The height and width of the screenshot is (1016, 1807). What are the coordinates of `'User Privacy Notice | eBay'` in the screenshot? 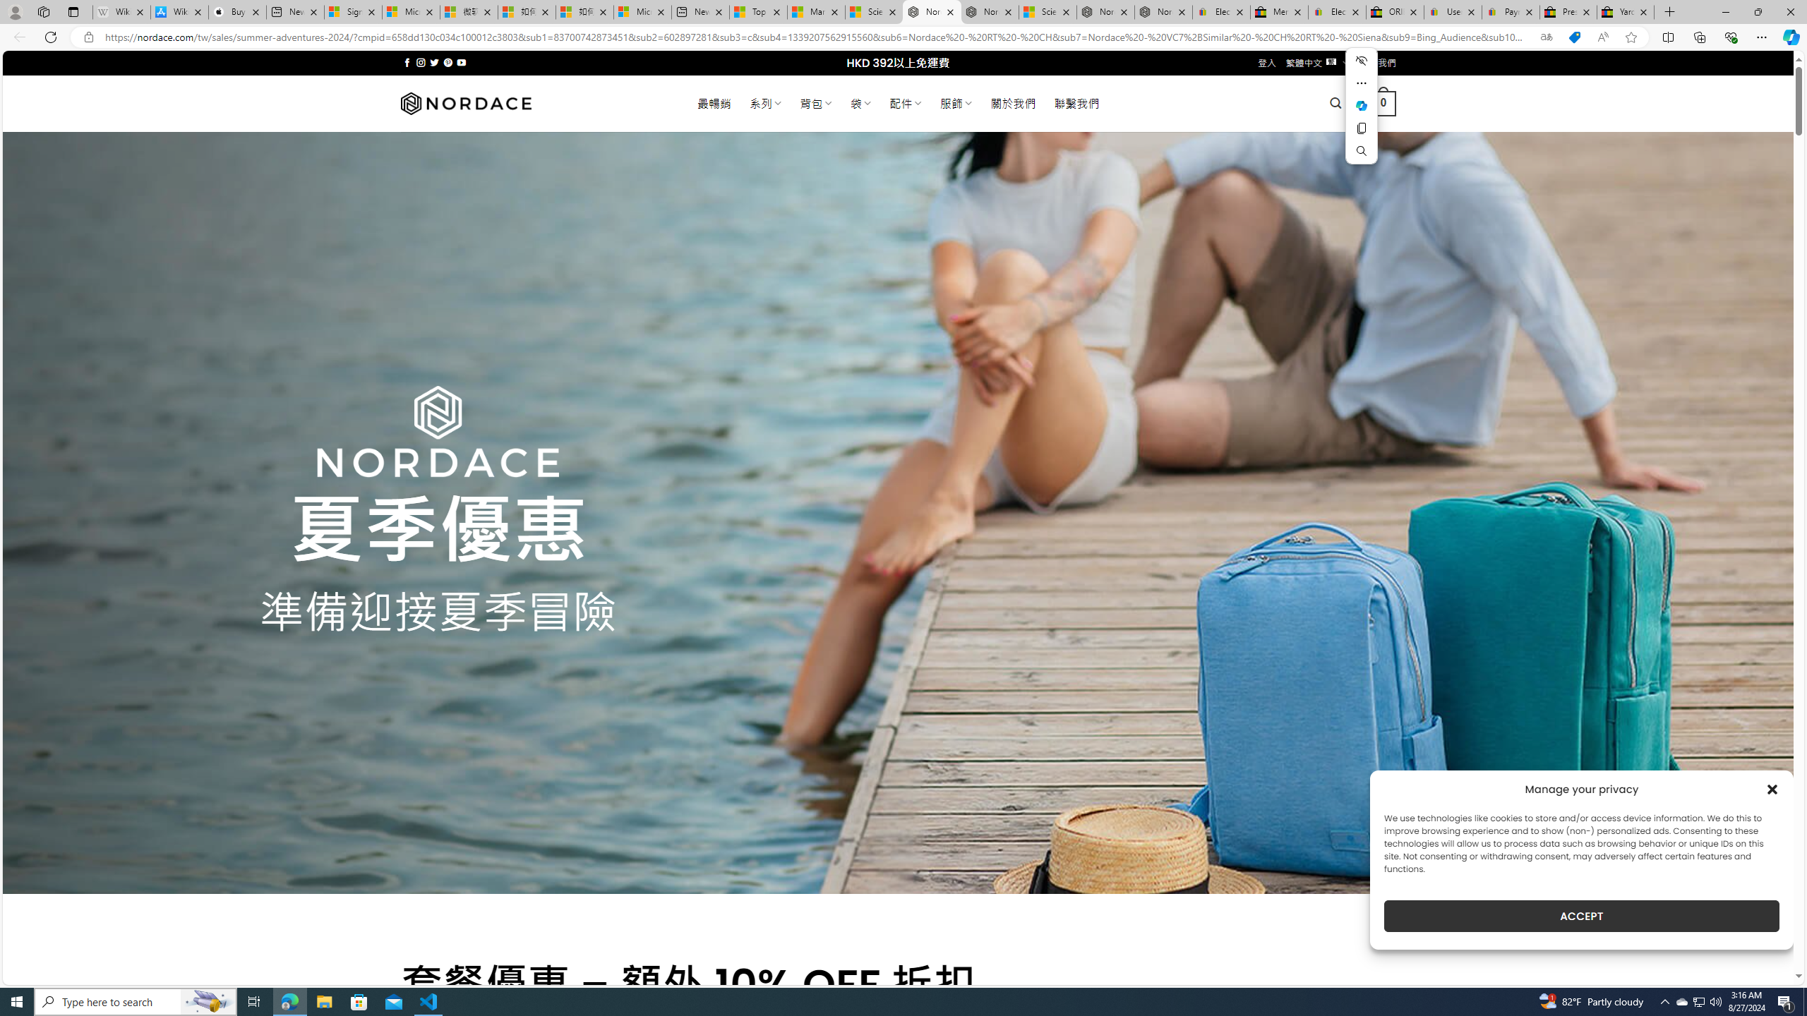 It's located at (1453, 11).